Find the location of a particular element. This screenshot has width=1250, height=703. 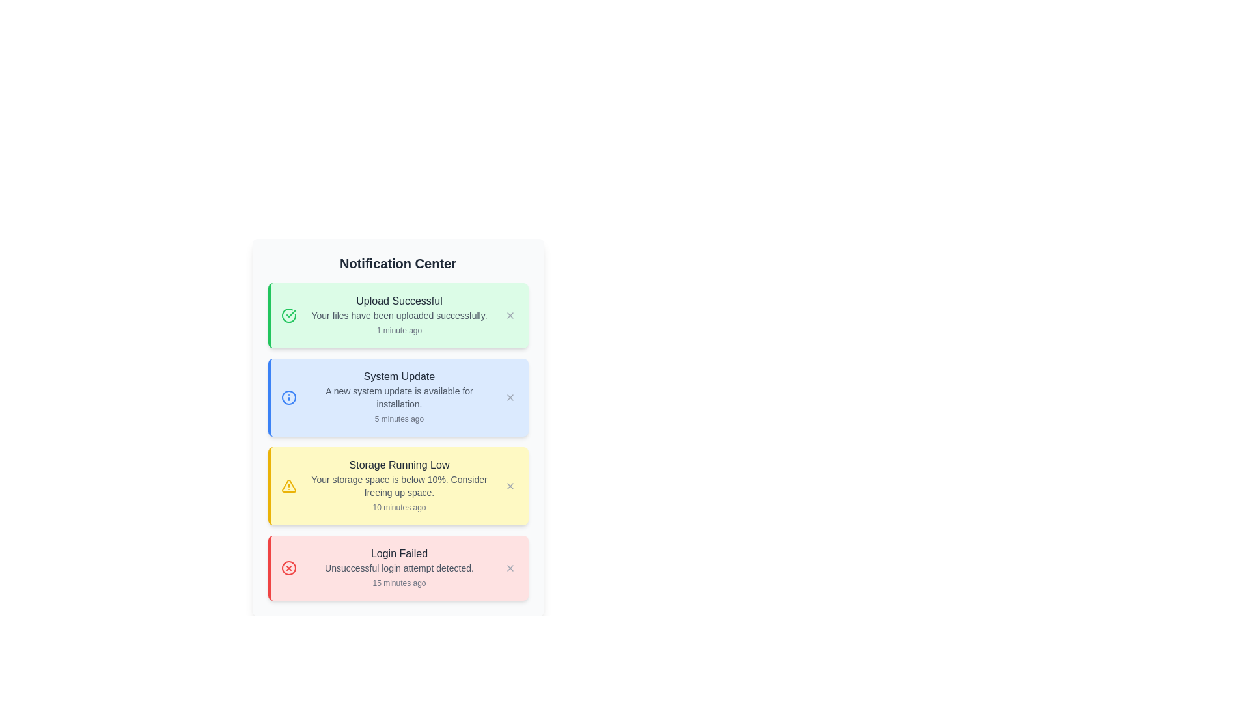

the close button in the top-right corner of the red-themed notification card titled 'Login Failed' is located at coordinates (509, 567).